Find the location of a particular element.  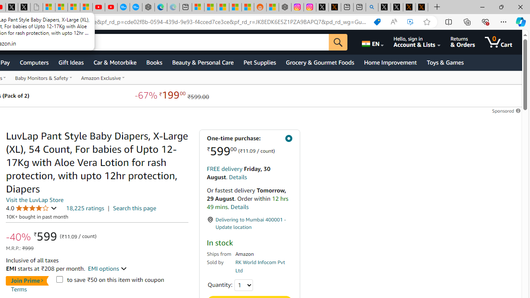

'Nordace - Nordace has arrived Hong Kong' is located at coordinates (148, 7).